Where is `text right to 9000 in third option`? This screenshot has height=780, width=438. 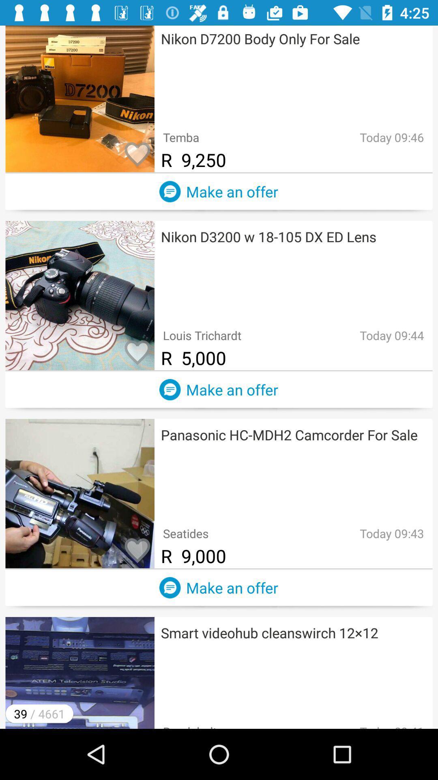
text right to 9000 in third option is located at coordinates (384, 550).